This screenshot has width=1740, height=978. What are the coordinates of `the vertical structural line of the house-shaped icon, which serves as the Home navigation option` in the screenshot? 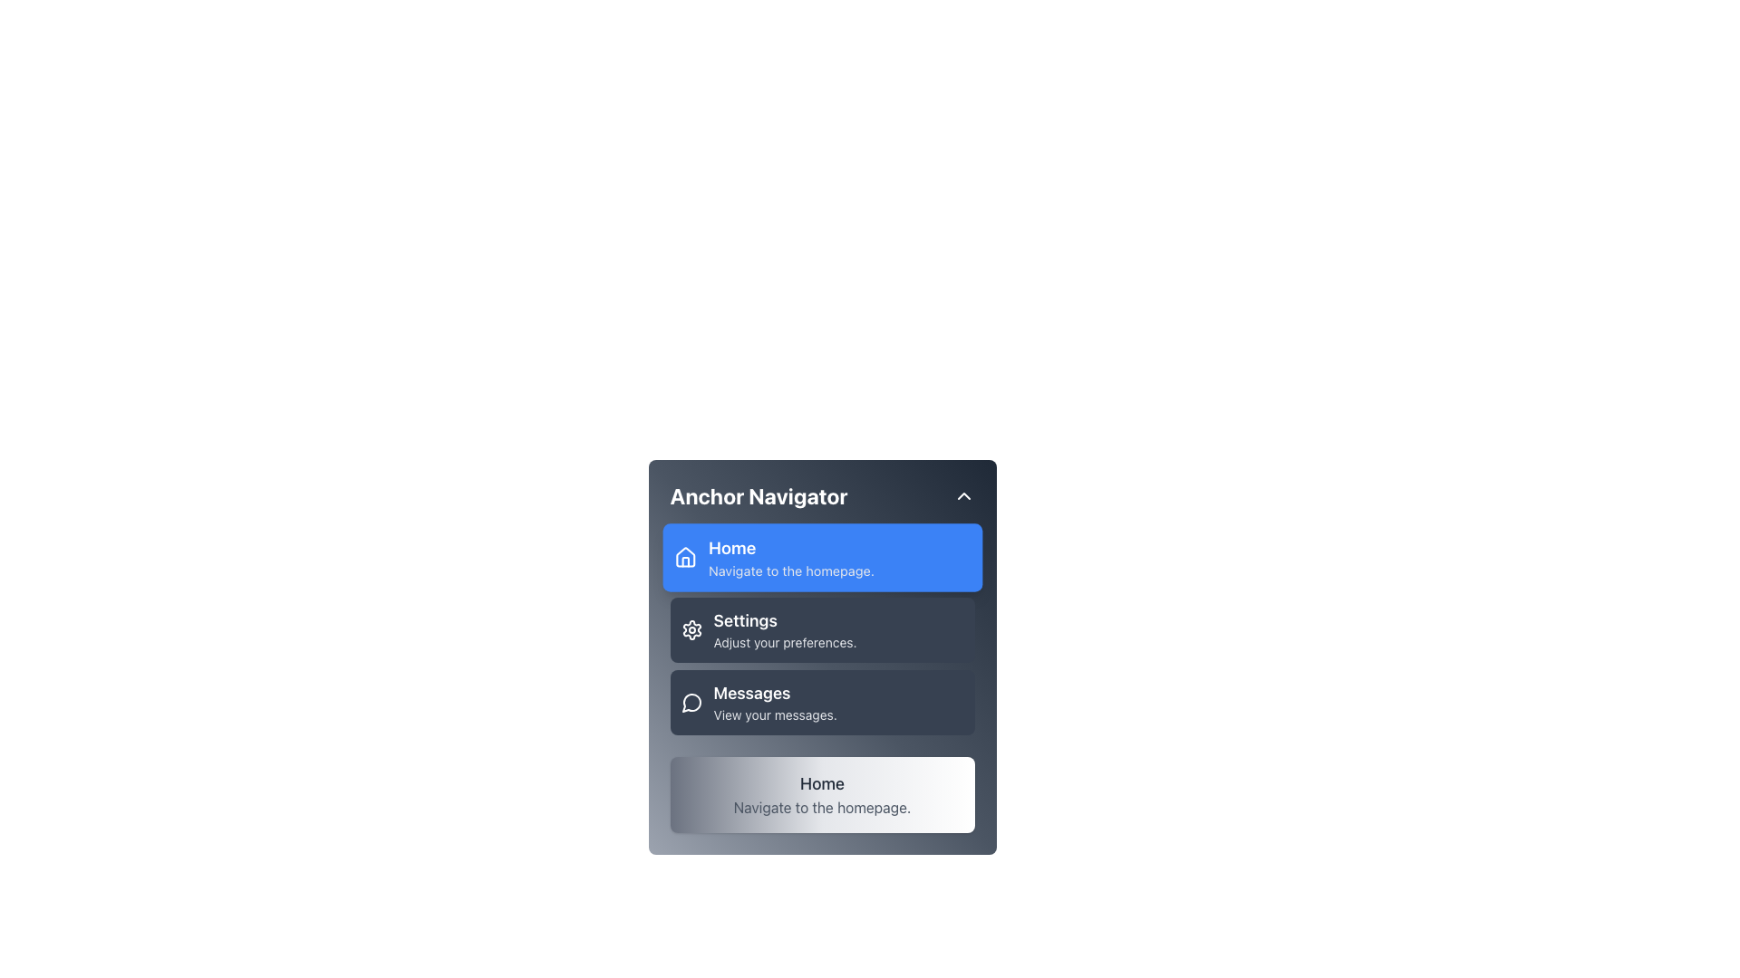 It's located at (684, 561).